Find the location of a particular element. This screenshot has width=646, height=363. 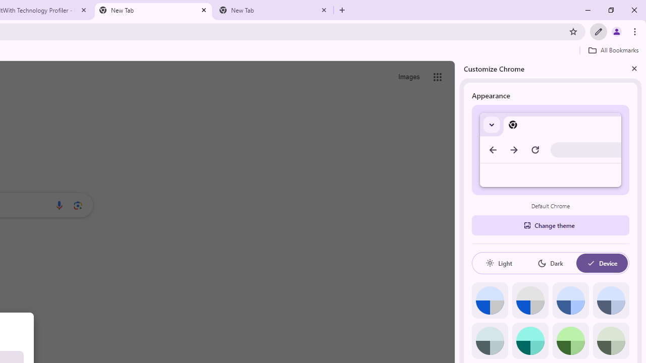

'Default color' is located at coordinates (490, 300).